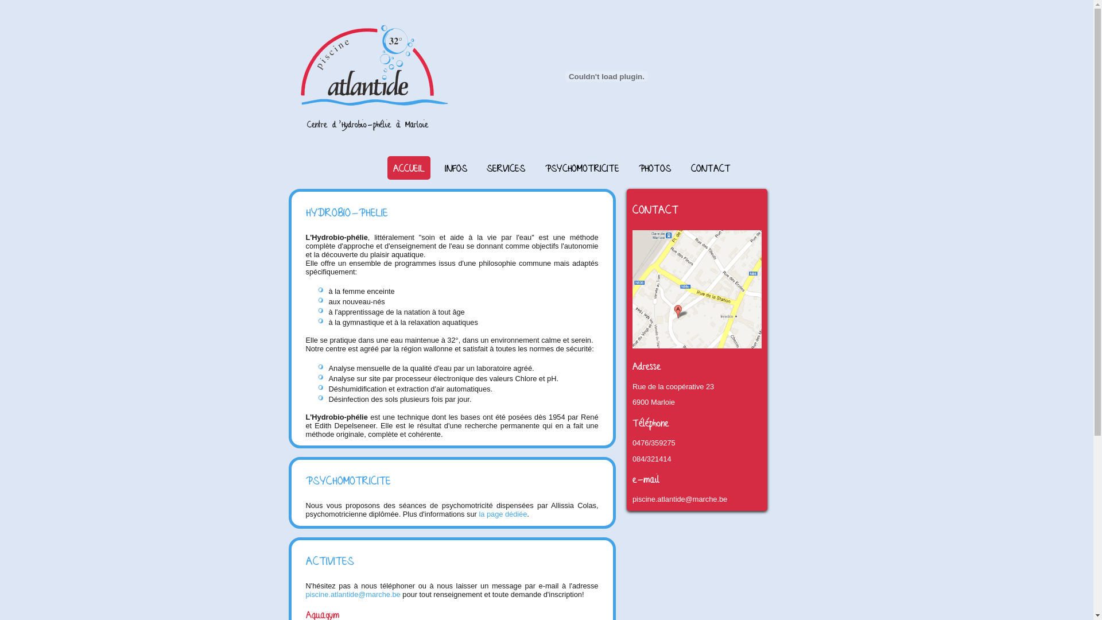  Describe the element at coordinates (352, 594) in the screenshot. I see `'piscine.atlantide@marche.be'` at that location.